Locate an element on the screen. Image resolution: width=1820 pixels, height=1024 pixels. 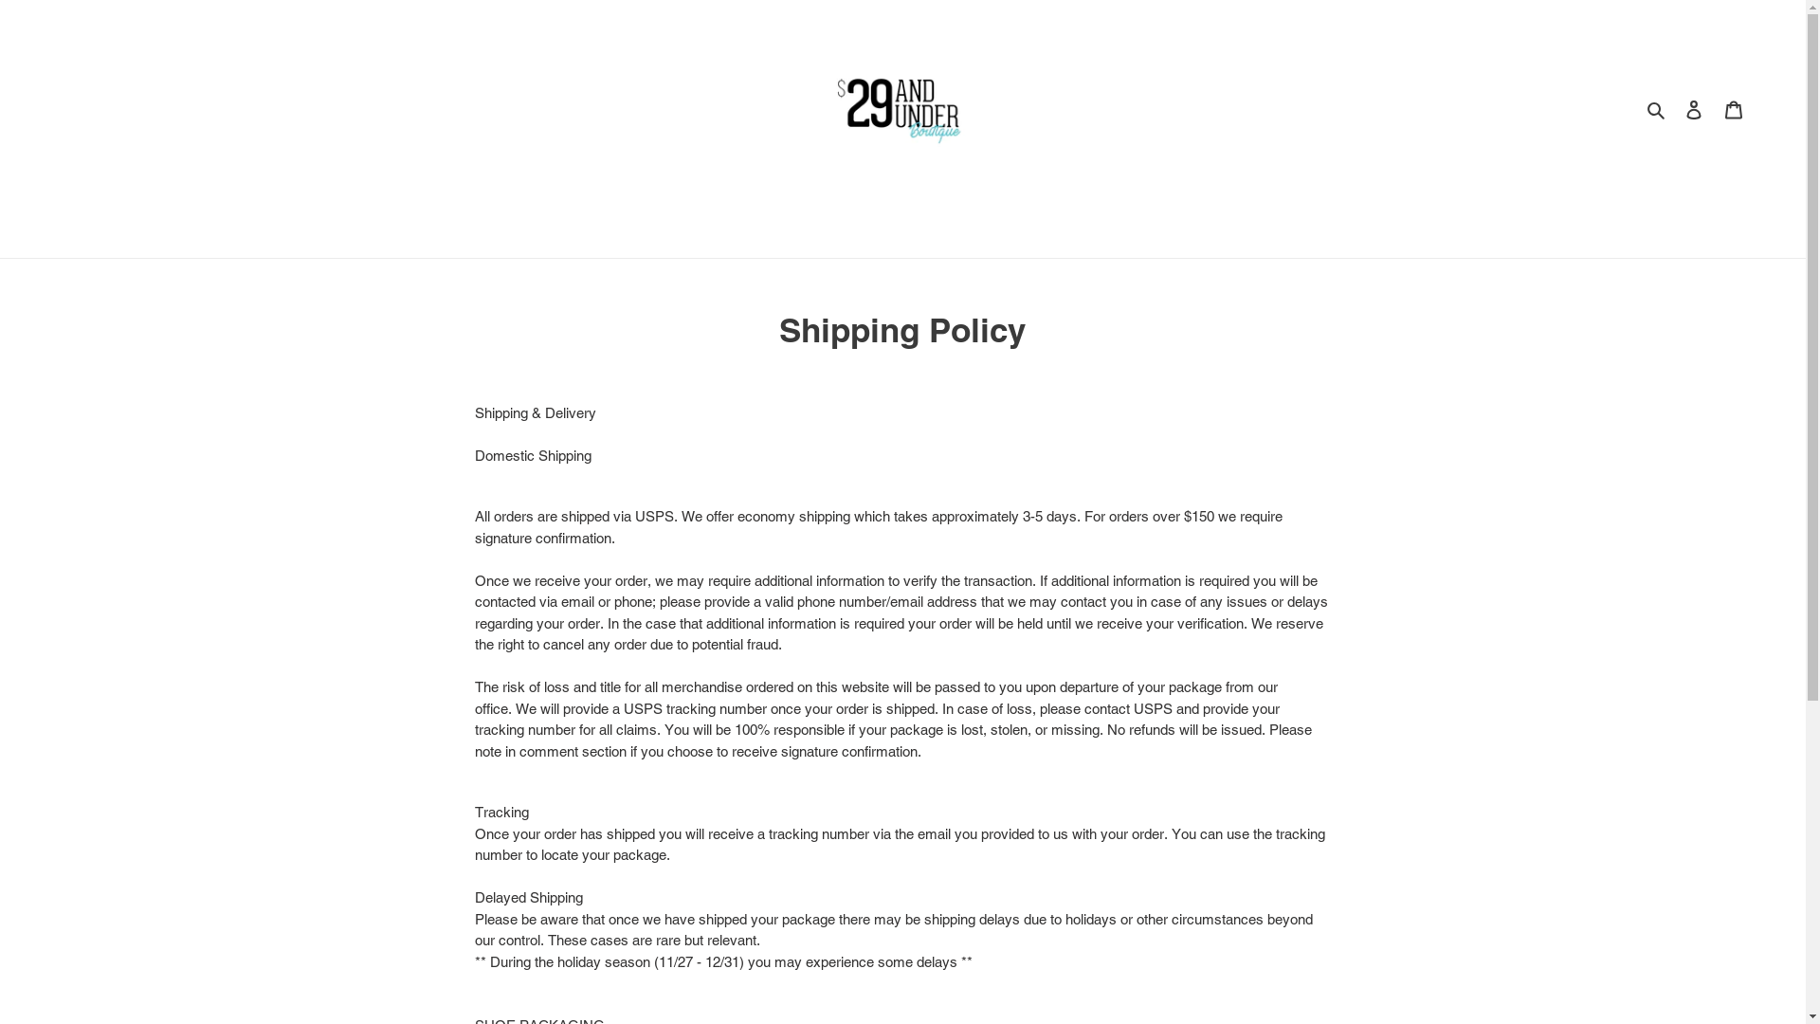
'Cart' is located at coordinates (1714, 109).